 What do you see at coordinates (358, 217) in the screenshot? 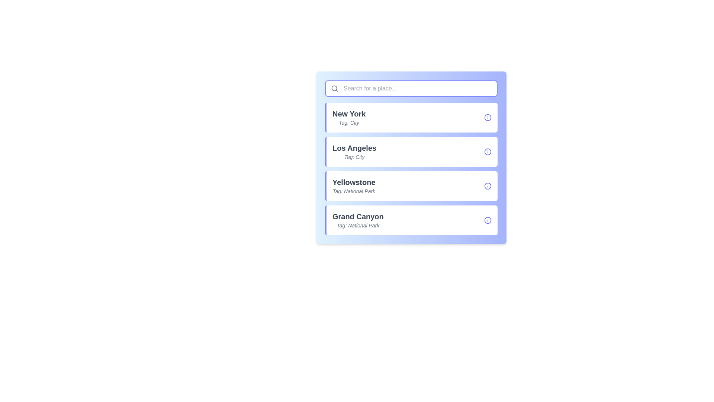
I see `the text label identifying the location 'Grand Canyon' in the list widget, which is positioned above 'Tag: National Park'` at bounding box center [358, 217].